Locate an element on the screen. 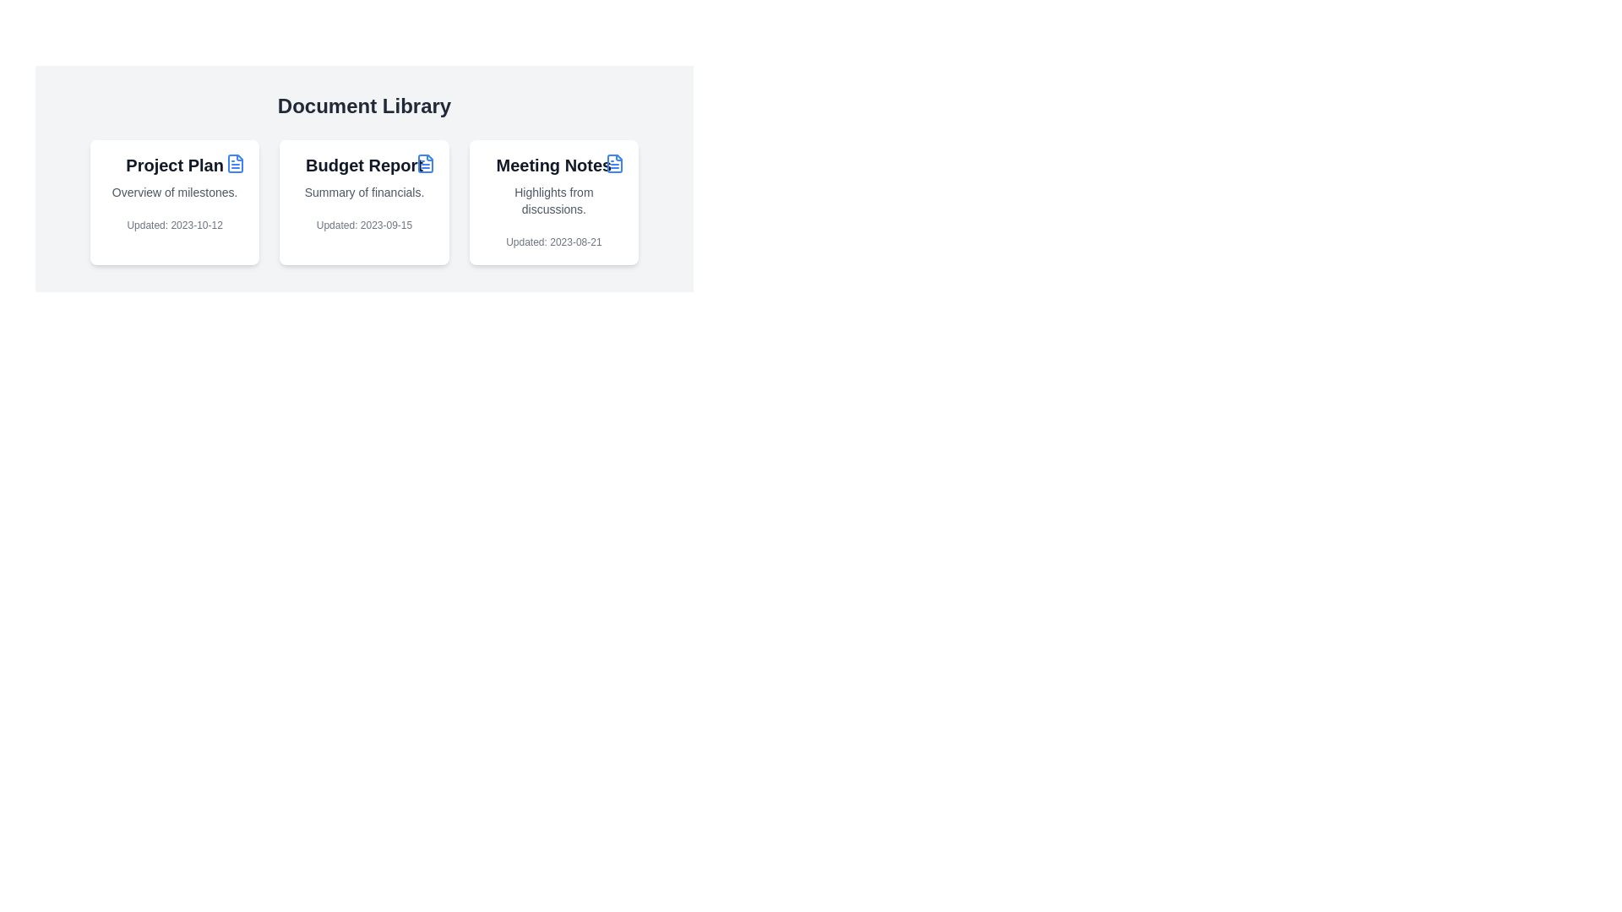 The height and width of the screenshot is (912, 1622). the document icon with a blue theme located at the top-right corner of the 'Meeting Notes' card is located at coordinates (614, 163).